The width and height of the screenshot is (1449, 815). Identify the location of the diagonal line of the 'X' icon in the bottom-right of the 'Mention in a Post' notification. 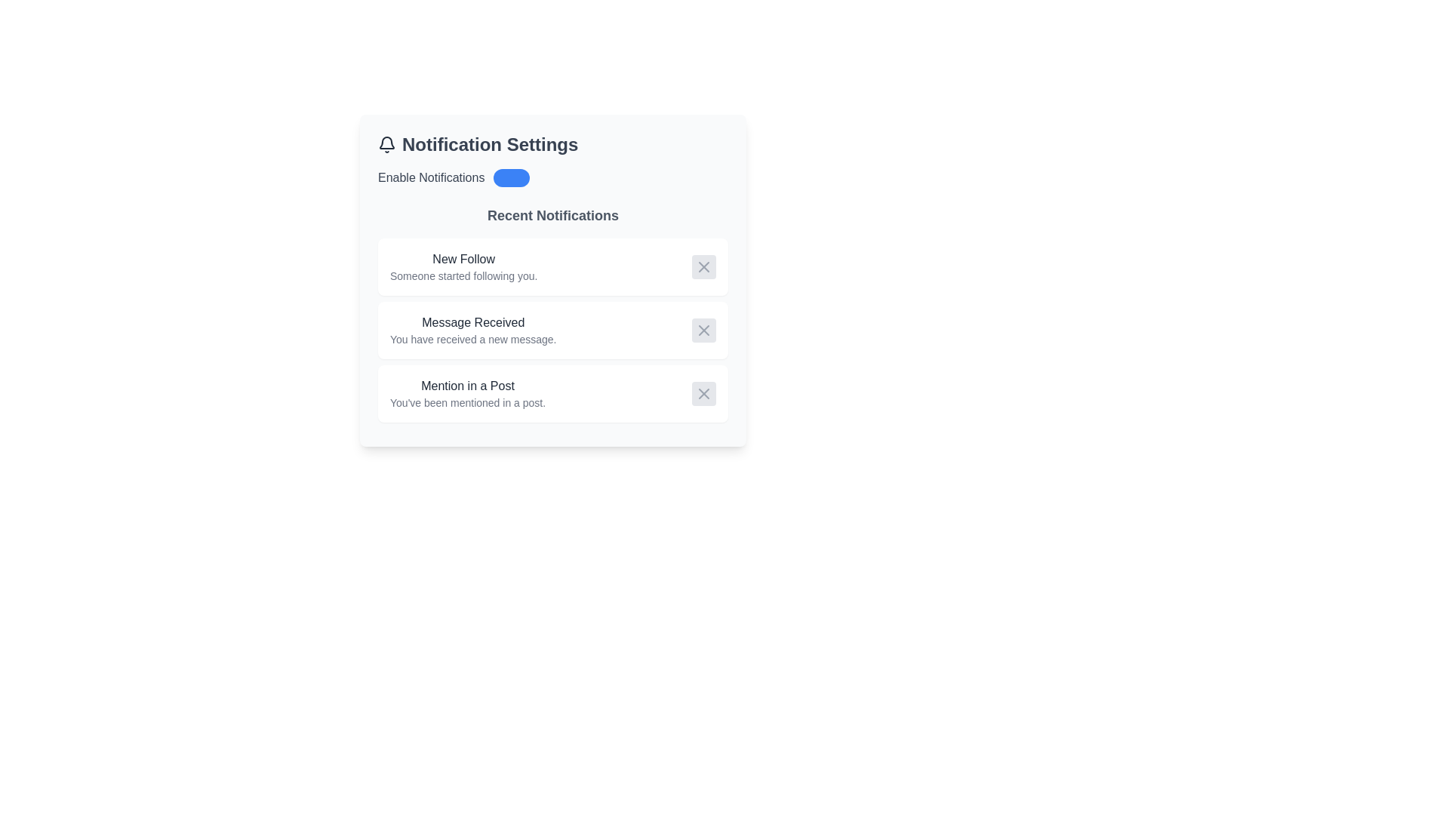
(703, 392).